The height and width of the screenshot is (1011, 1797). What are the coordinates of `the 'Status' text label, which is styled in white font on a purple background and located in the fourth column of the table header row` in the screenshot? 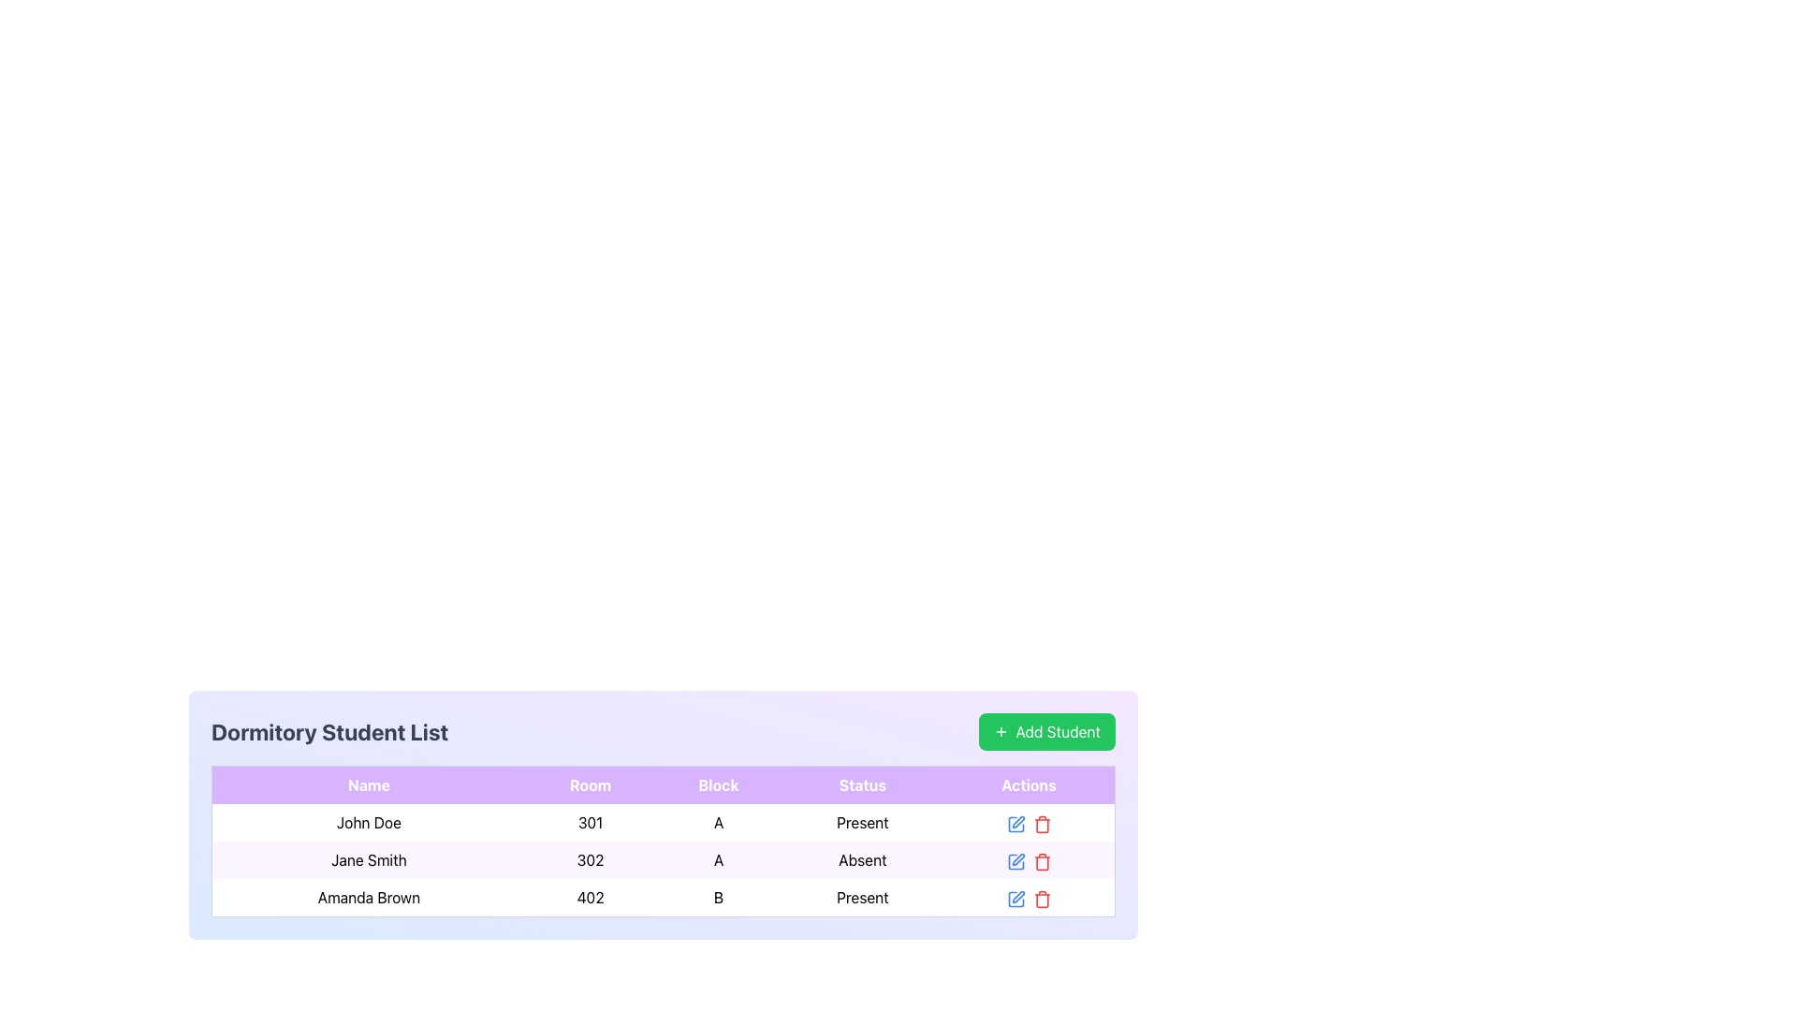 It's located at (861, 784).